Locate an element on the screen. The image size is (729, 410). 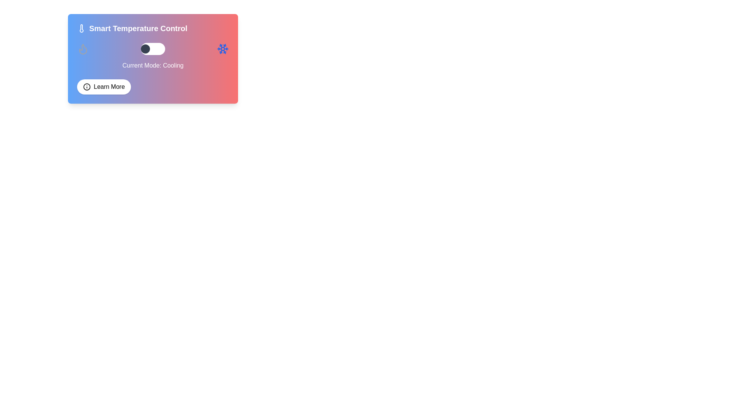
the thermometer icon that visually complements the title 'Smart Temperature Control', which is located to the left side of the heading text and aligned vertically with it is located at coordinates (82, 28).